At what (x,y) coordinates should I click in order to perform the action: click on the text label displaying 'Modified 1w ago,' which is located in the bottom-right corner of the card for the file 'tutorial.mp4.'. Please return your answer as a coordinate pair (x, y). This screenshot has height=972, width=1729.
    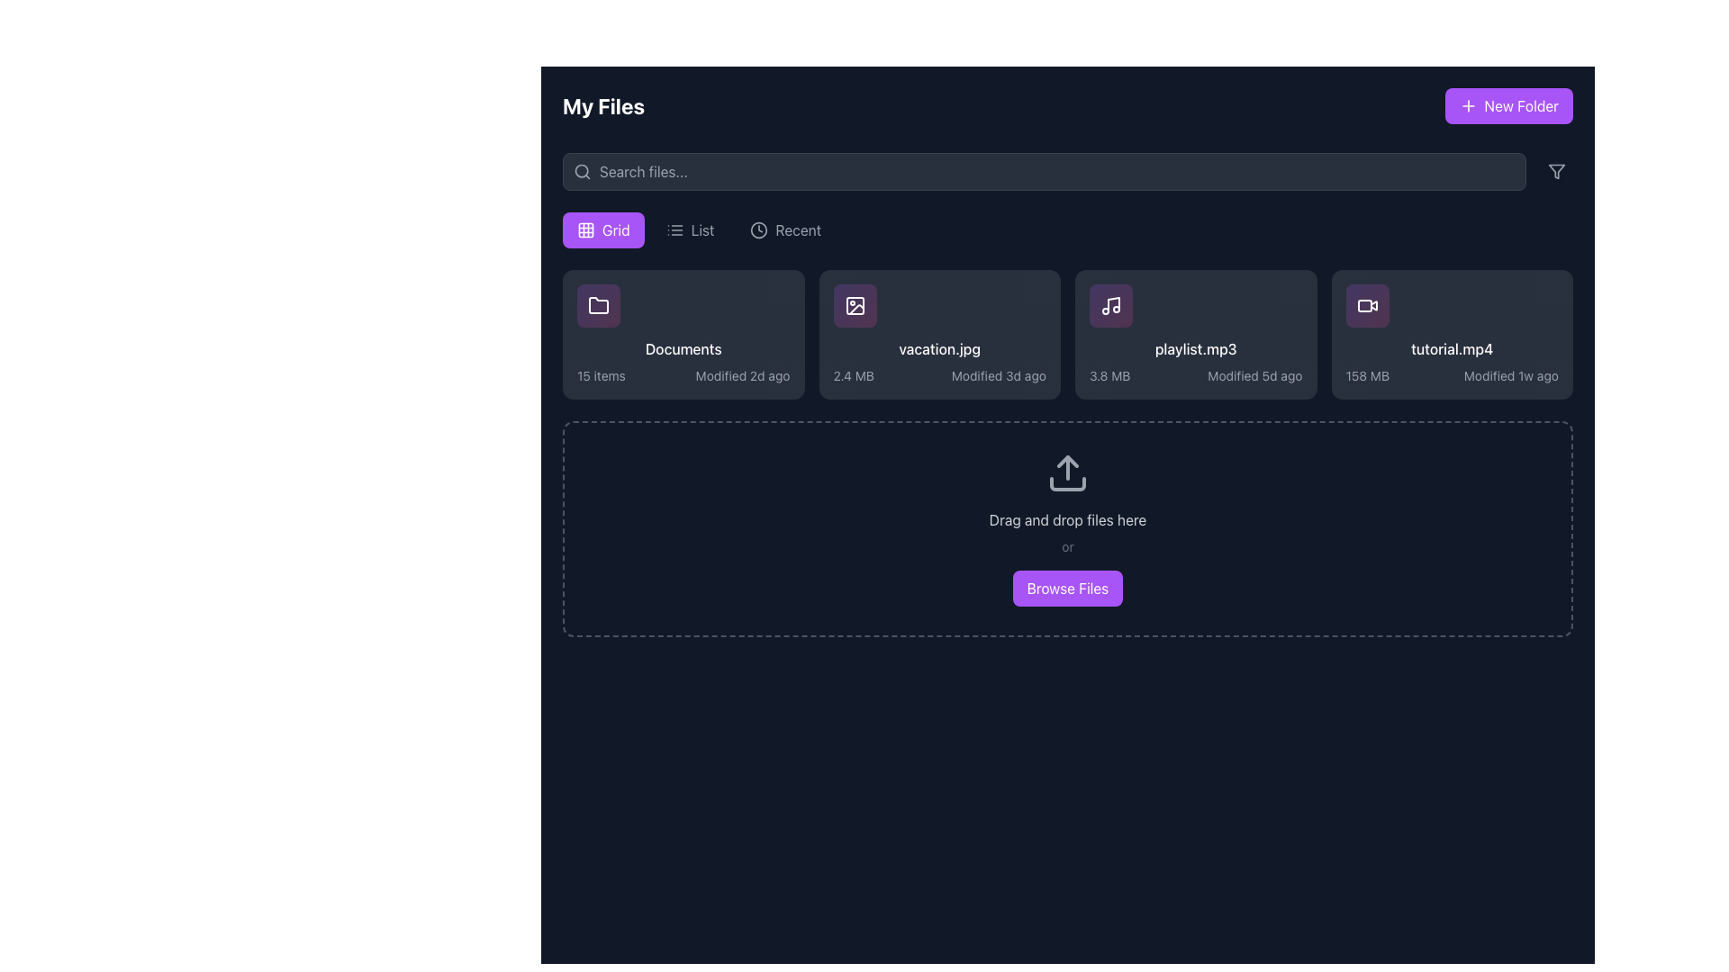
    Looking at the image, I should click on (1511, 374).